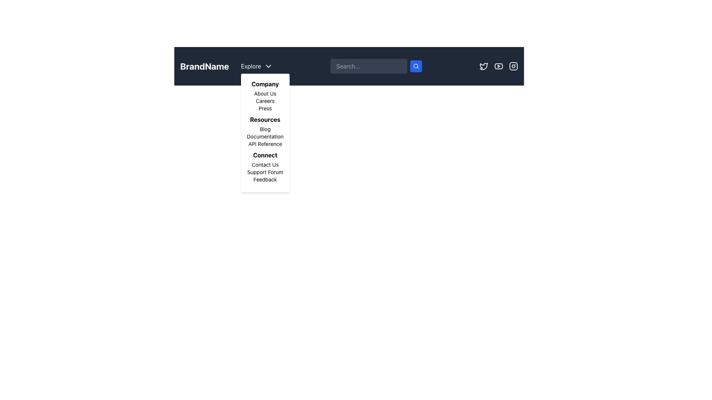 Image resolution: width=712 pixels, height=400 pixels. What do you see at coordinates (265, 132) in the screenshot?
I see `the vertical dropdown menu located below the 'Explore' button in the navigation bar, which contains sections like 'Company', 'Resources', and 'Connect'` at bounding box center [265, 132].